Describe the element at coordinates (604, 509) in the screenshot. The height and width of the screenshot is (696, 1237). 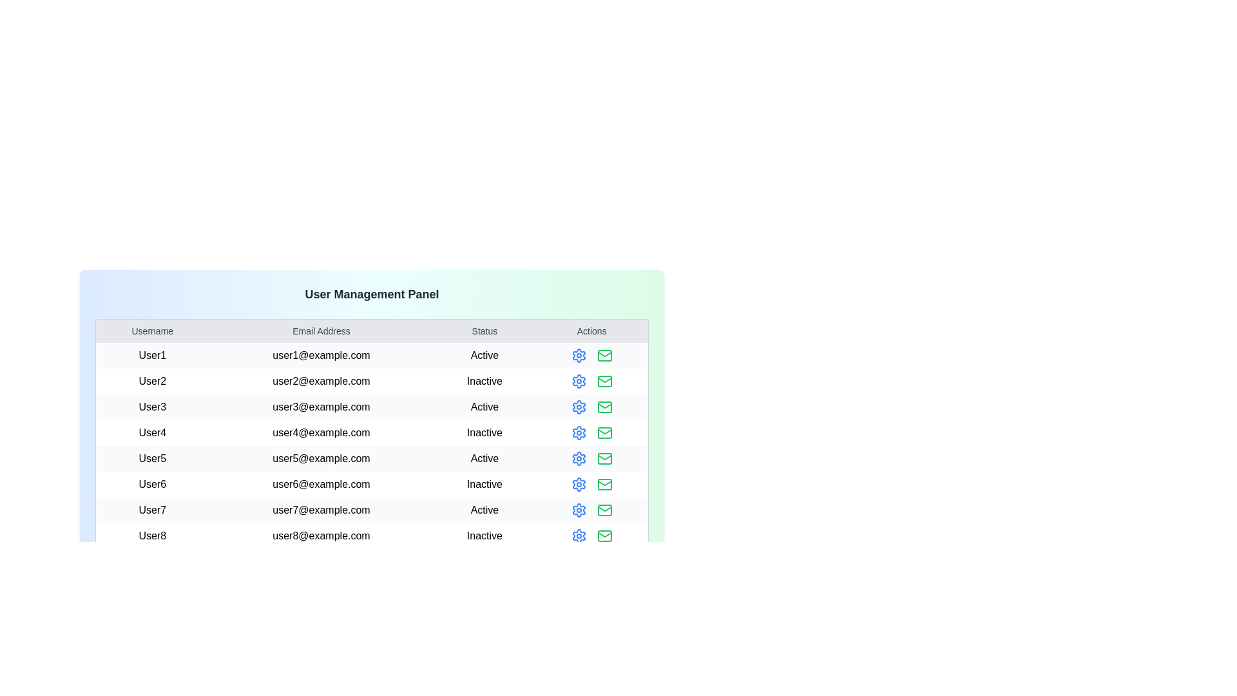
I see `the mail icon for the user identified by User7` at that location.